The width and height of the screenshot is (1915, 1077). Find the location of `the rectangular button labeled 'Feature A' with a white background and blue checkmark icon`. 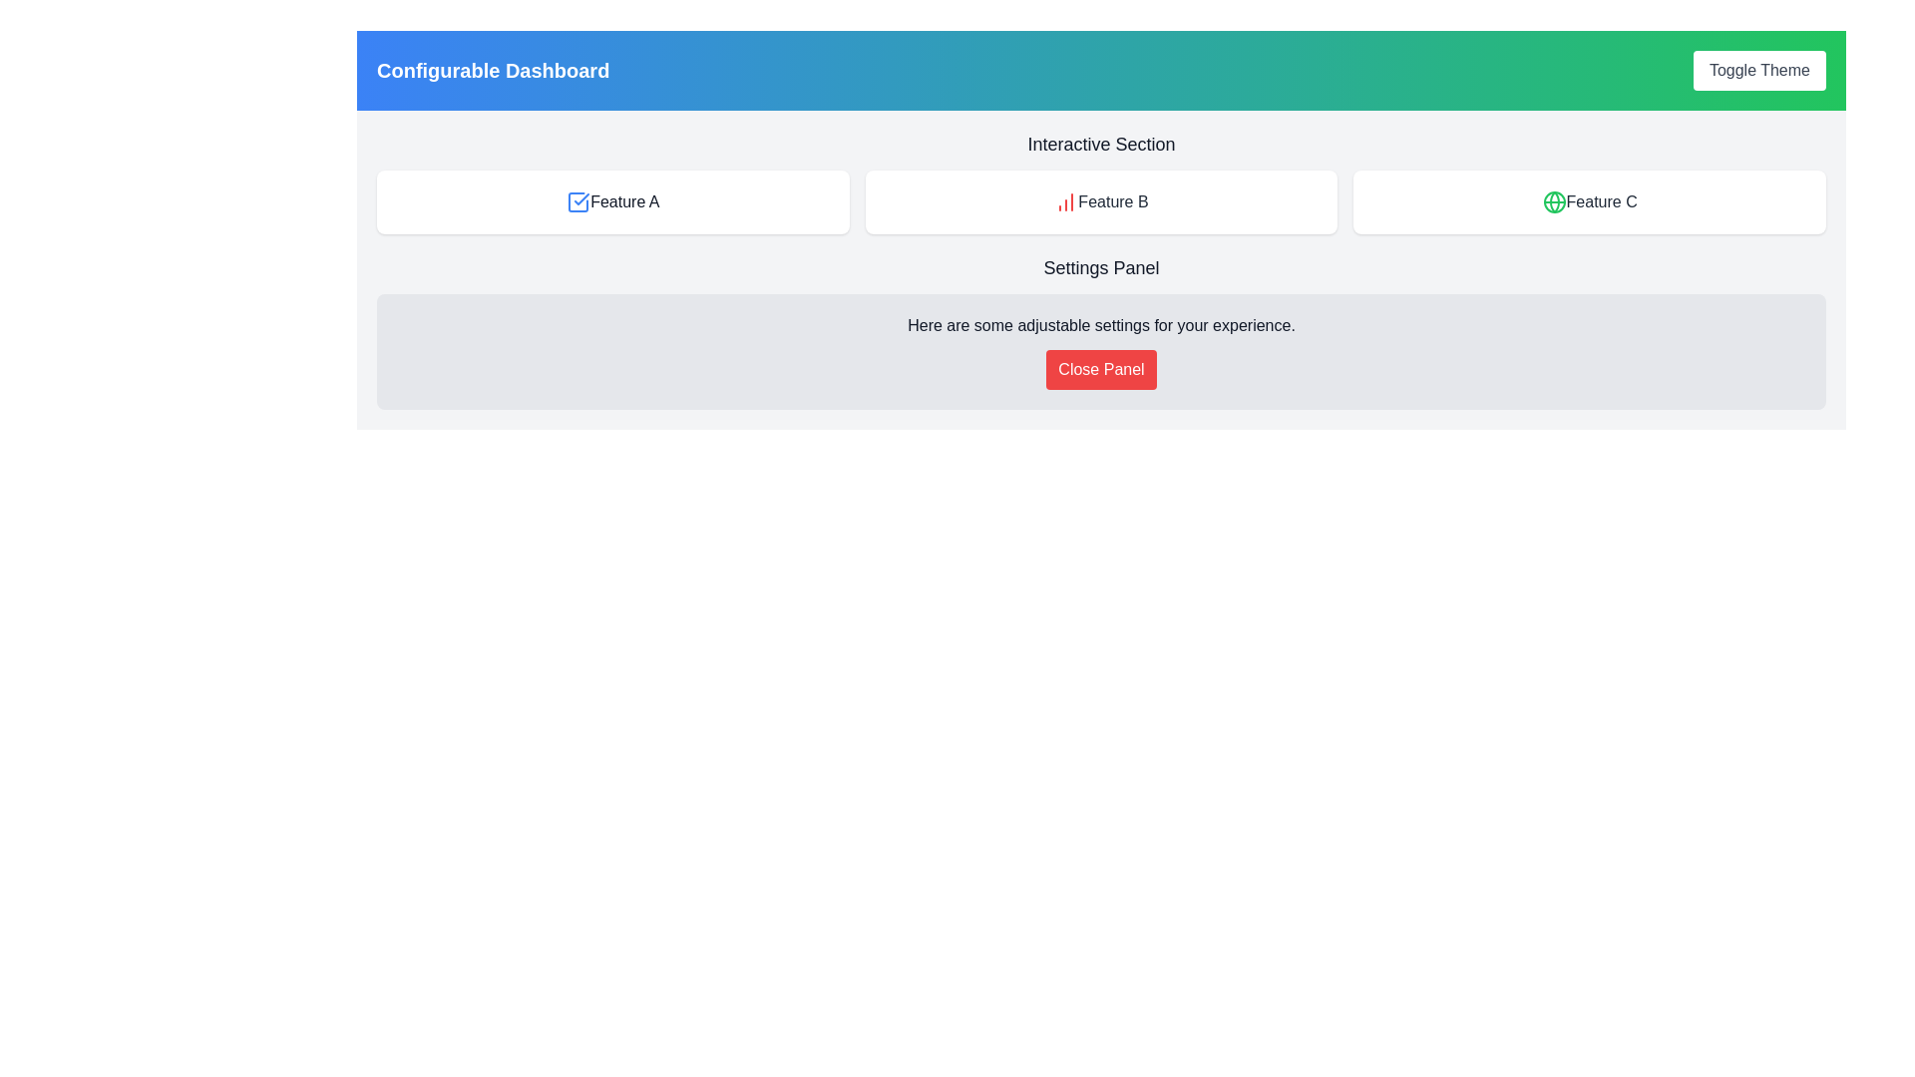

the rectangular button labeled 'Feature A' with a white background and blue checkmark icon is located at coordinates (611, 202).